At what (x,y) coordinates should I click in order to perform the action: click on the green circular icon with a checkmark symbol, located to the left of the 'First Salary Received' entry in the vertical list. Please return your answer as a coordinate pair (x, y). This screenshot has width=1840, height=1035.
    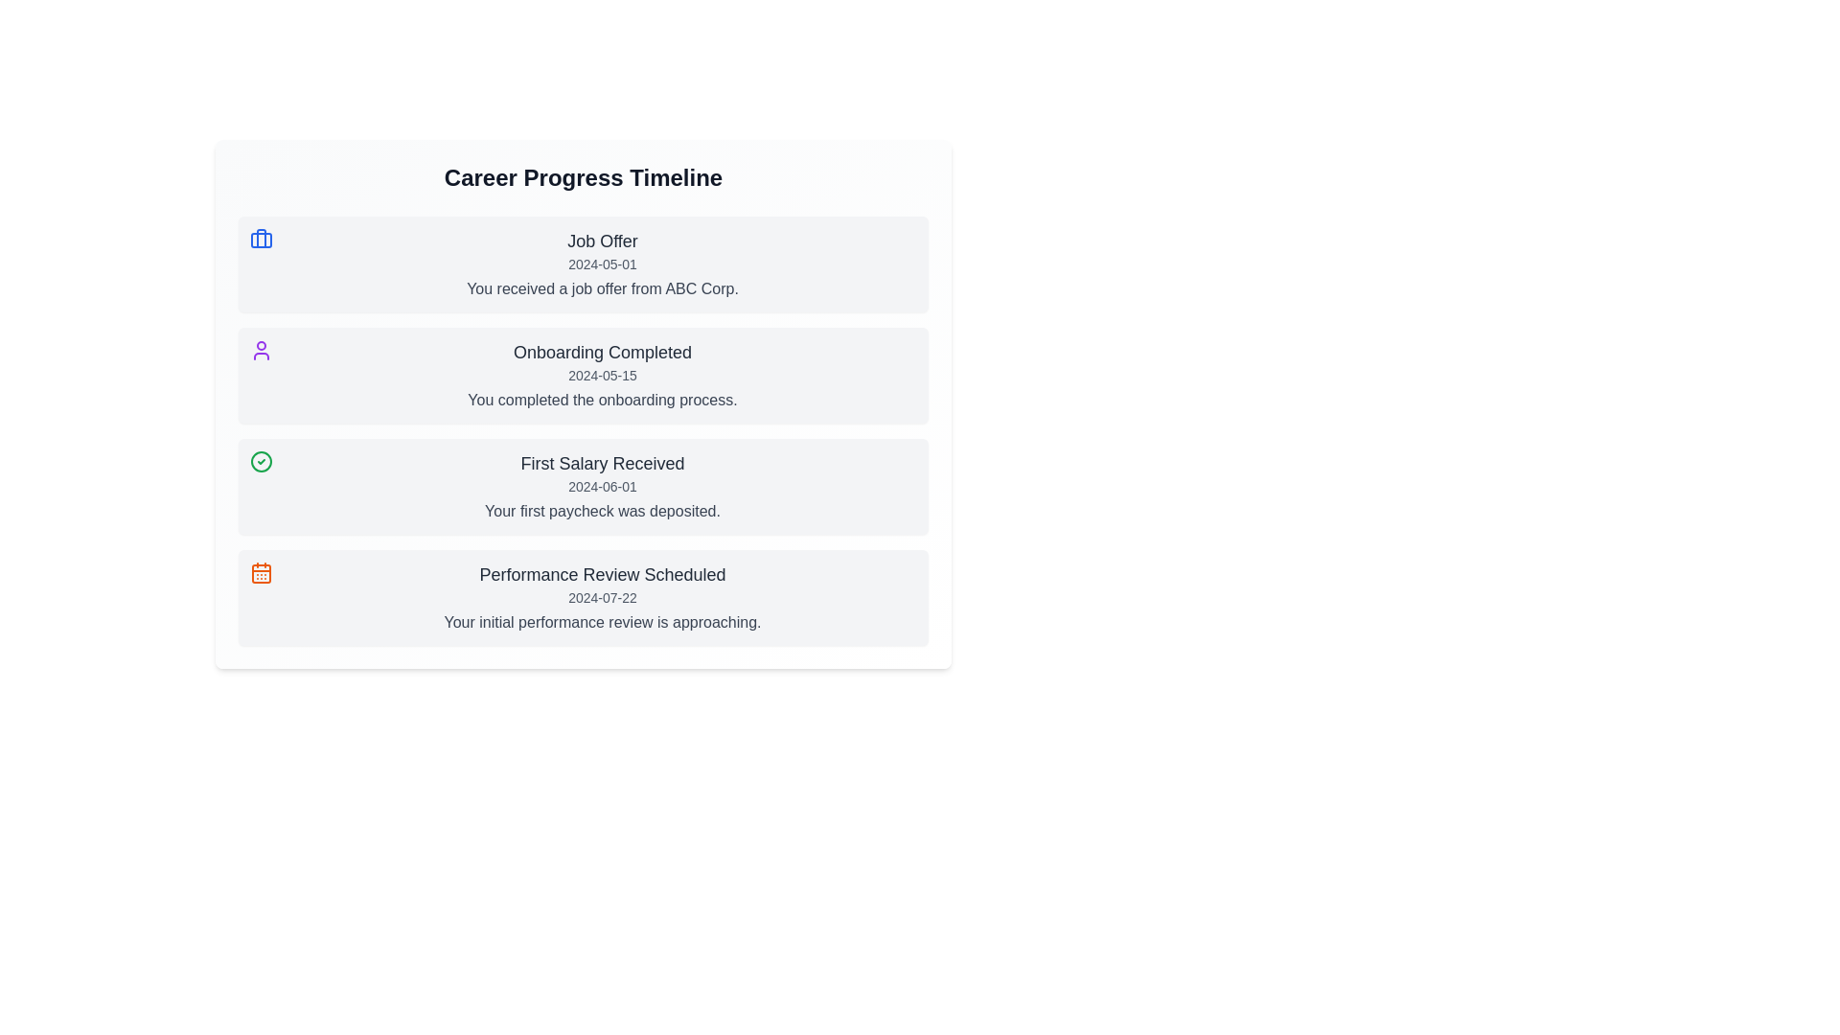
    Looking at the image, I should click on (261, 462).